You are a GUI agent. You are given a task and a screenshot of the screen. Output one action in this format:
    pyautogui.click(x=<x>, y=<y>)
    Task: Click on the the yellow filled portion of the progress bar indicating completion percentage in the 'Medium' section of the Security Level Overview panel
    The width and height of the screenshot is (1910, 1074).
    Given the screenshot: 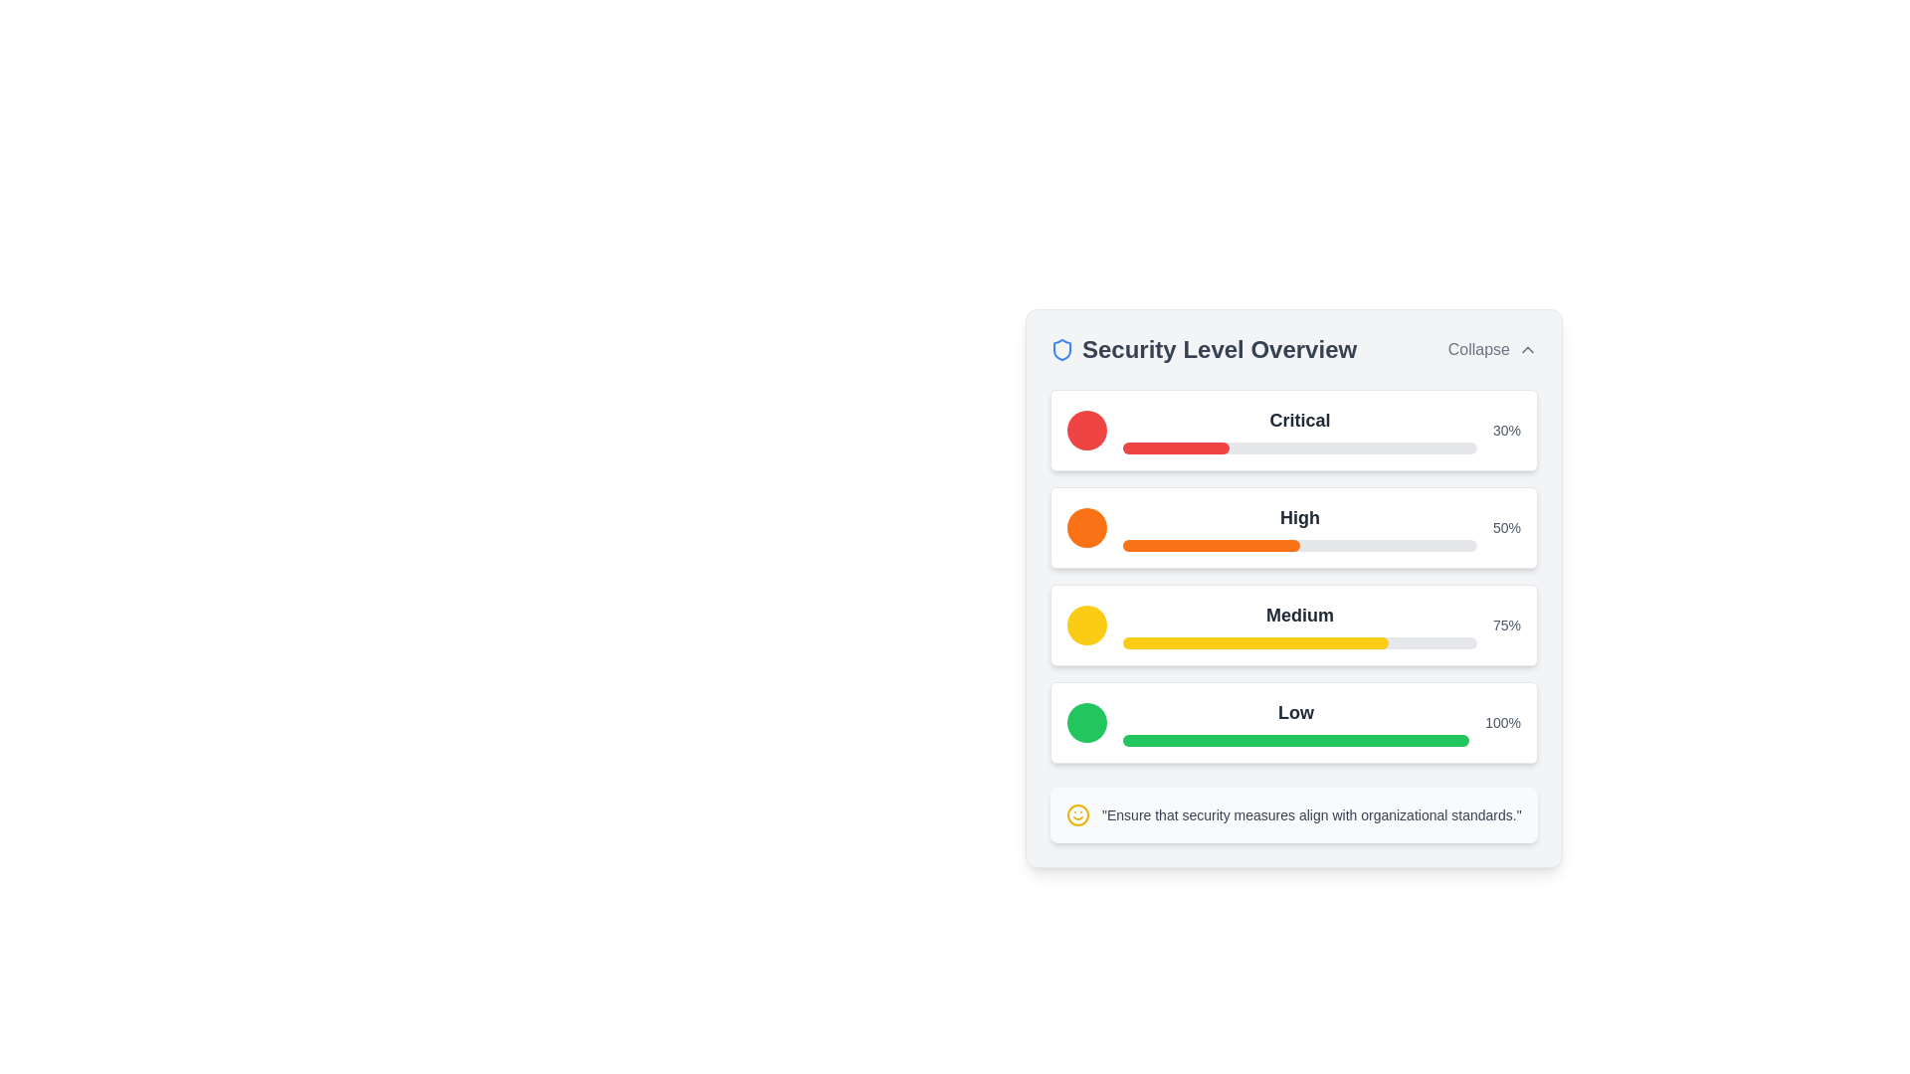 What is the action you would take?
    pyautogui.click(x=1254, y=643)
    